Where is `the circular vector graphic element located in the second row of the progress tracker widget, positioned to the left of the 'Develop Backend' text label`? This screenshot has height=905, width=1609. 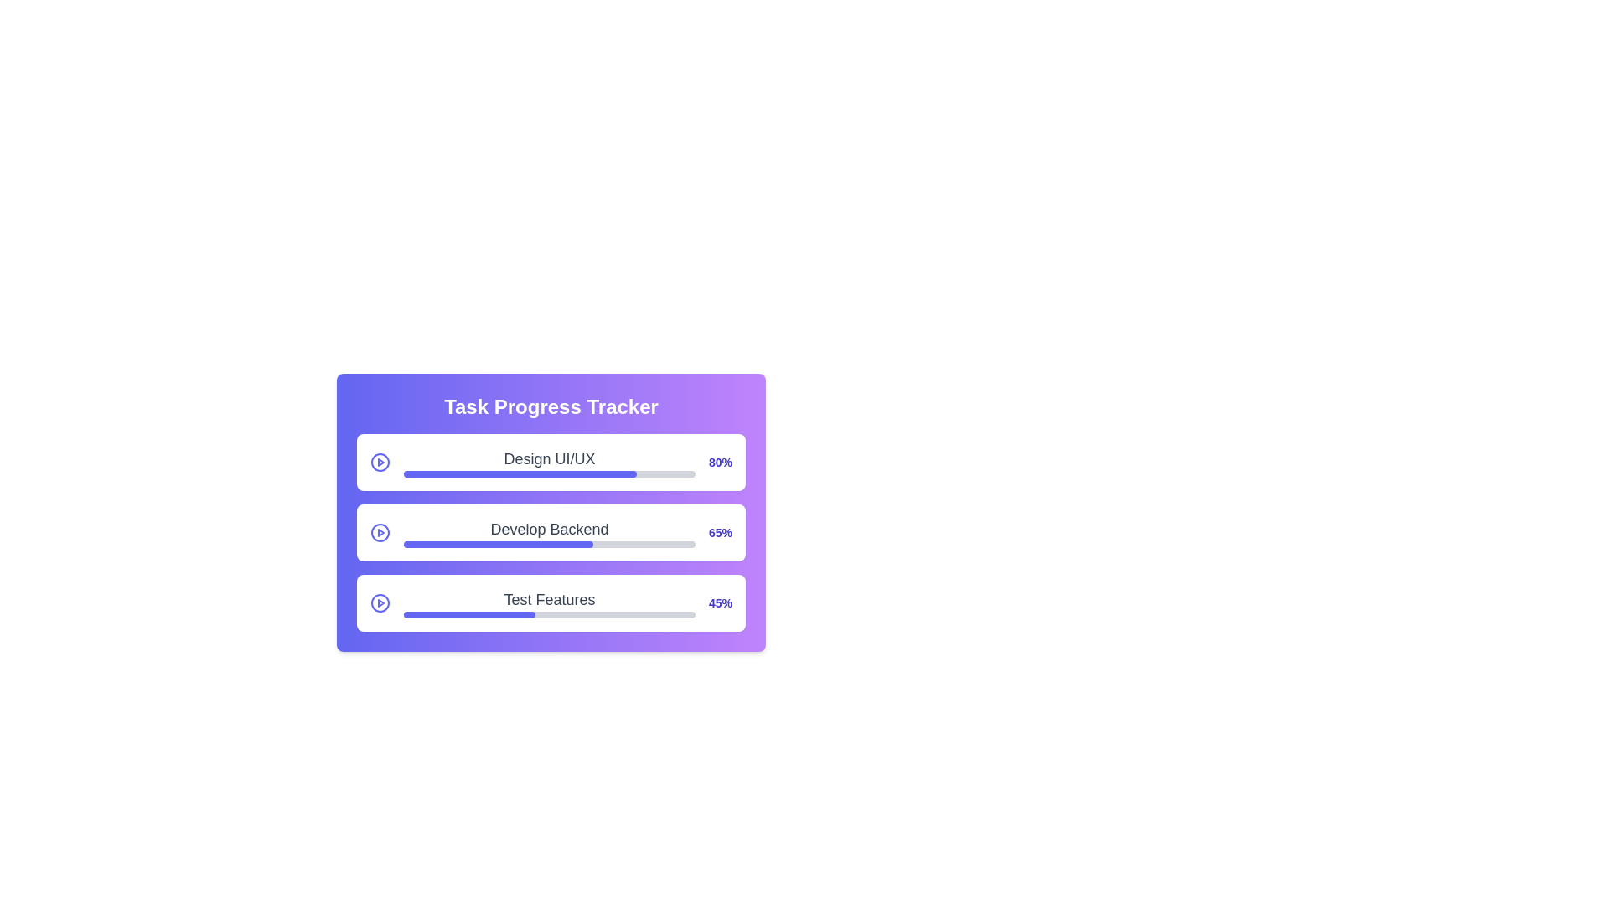 the circular vector graphic element located in the second row of the progress tracker widget, positioned to the left of the 'Develop Backend' text label is located at coordinates (380, 533).